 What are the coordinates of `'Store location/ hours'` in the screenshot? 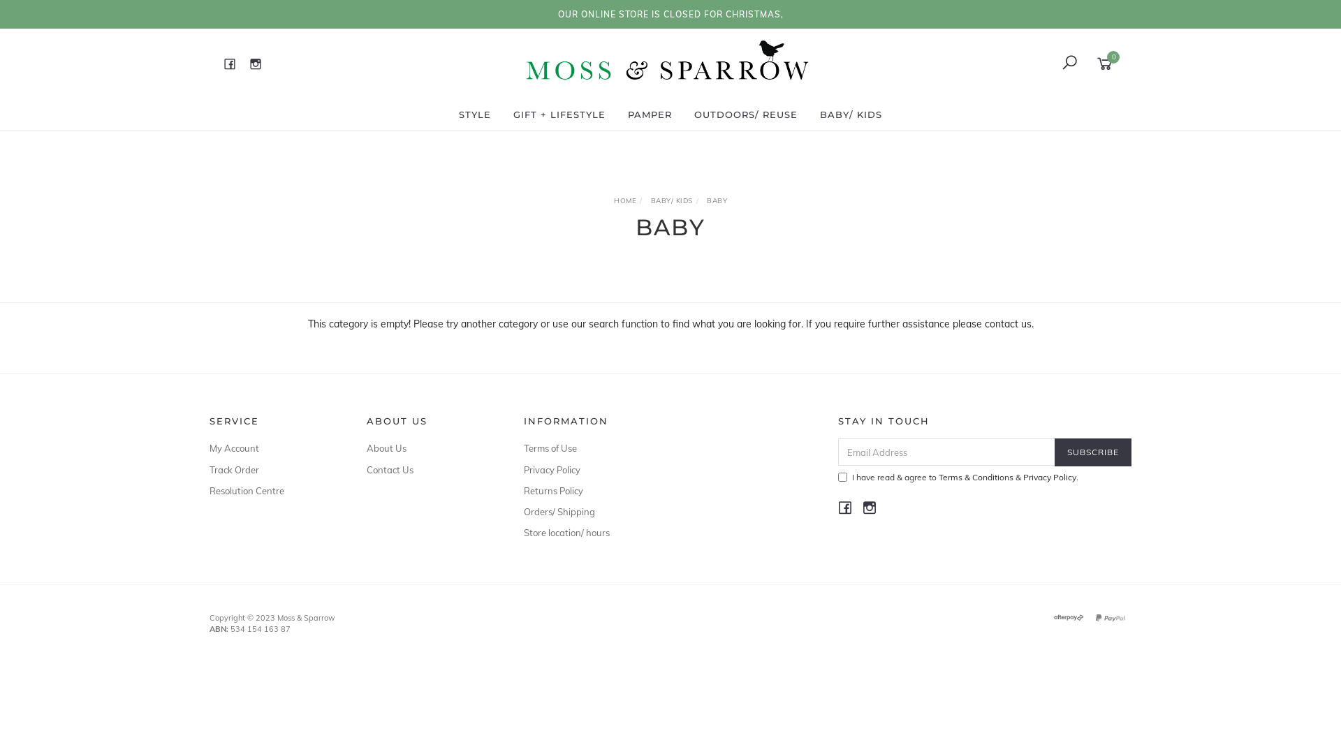 It's located at (587, 533).